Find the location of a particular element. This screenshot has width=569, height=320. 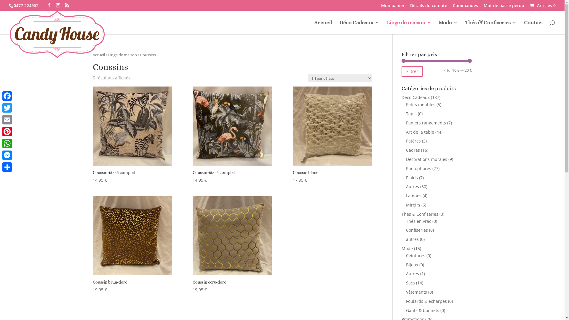

'Plaids' is located at coordinates (405, 177).